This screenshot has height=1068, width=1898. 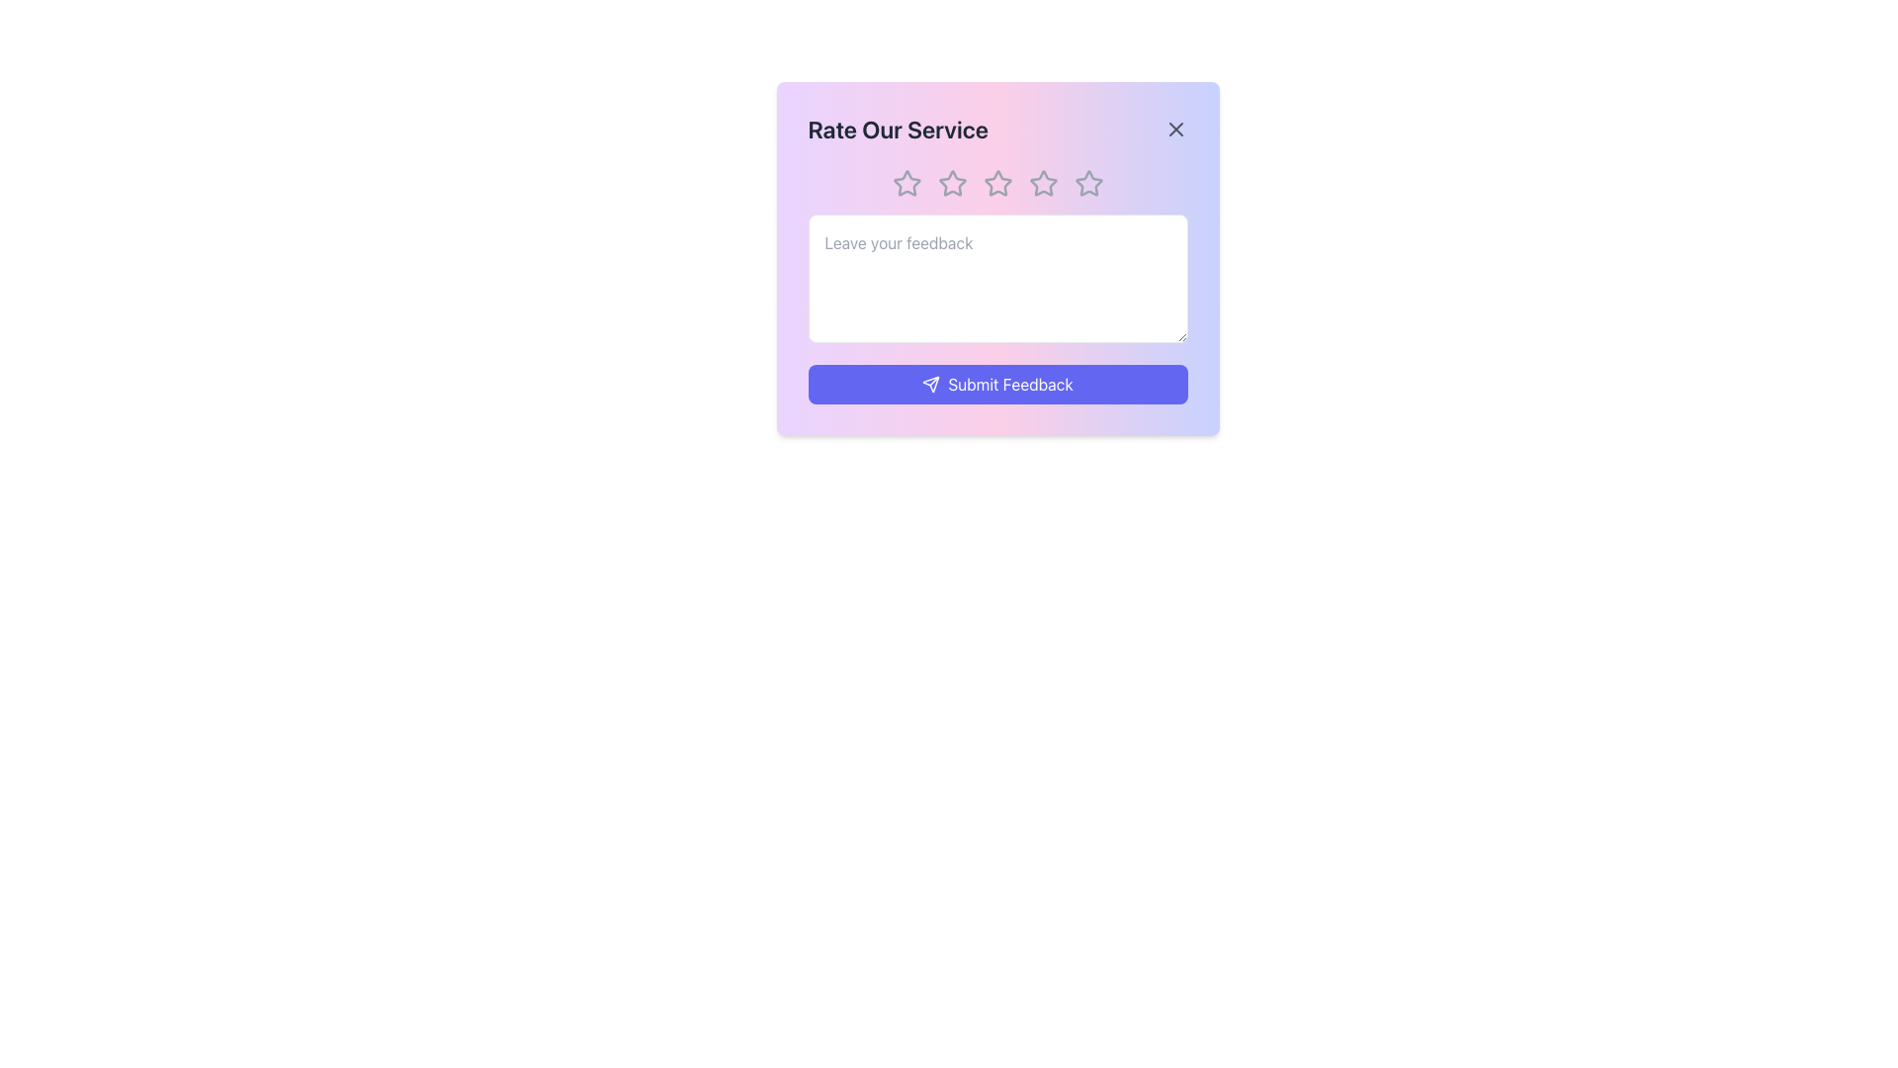 I want to click on the third star, so click(x=997, y=183).